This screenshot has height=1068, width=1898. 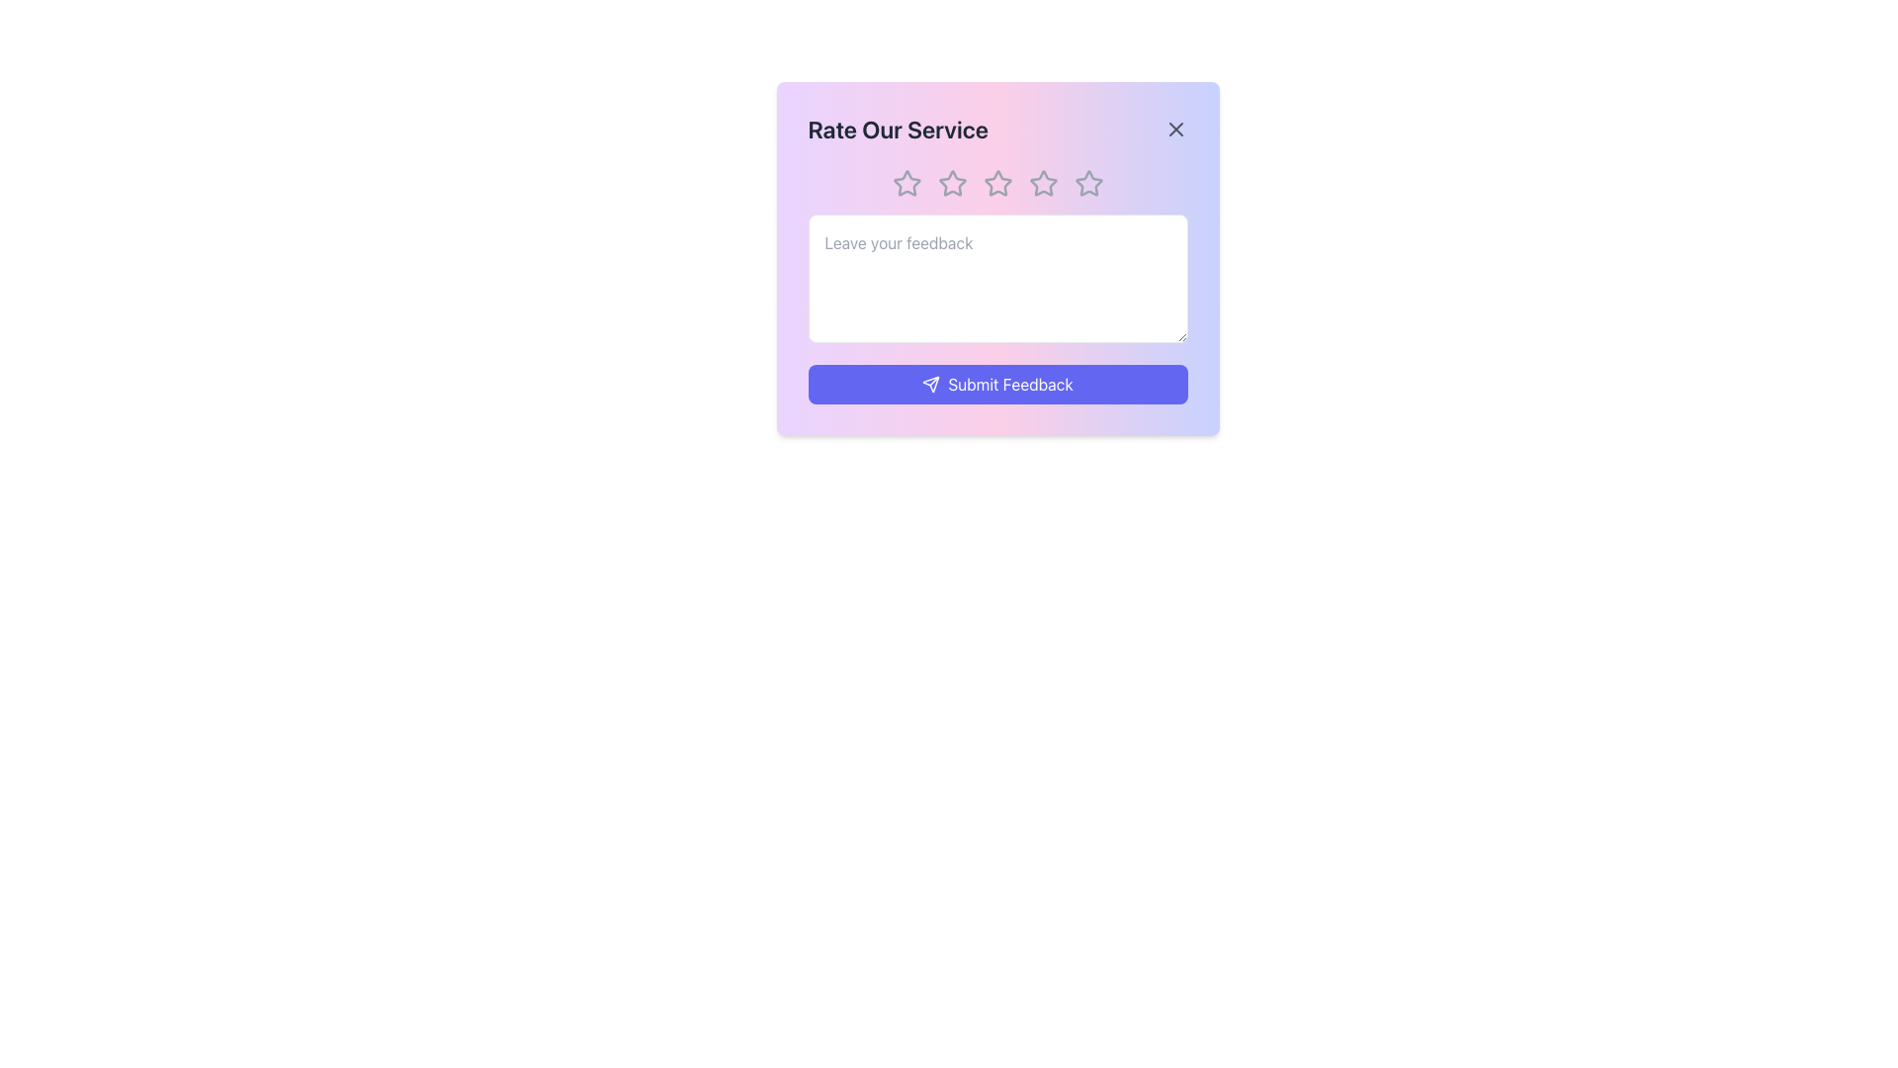 I want to click on the third star, so click(x=997, y=183).